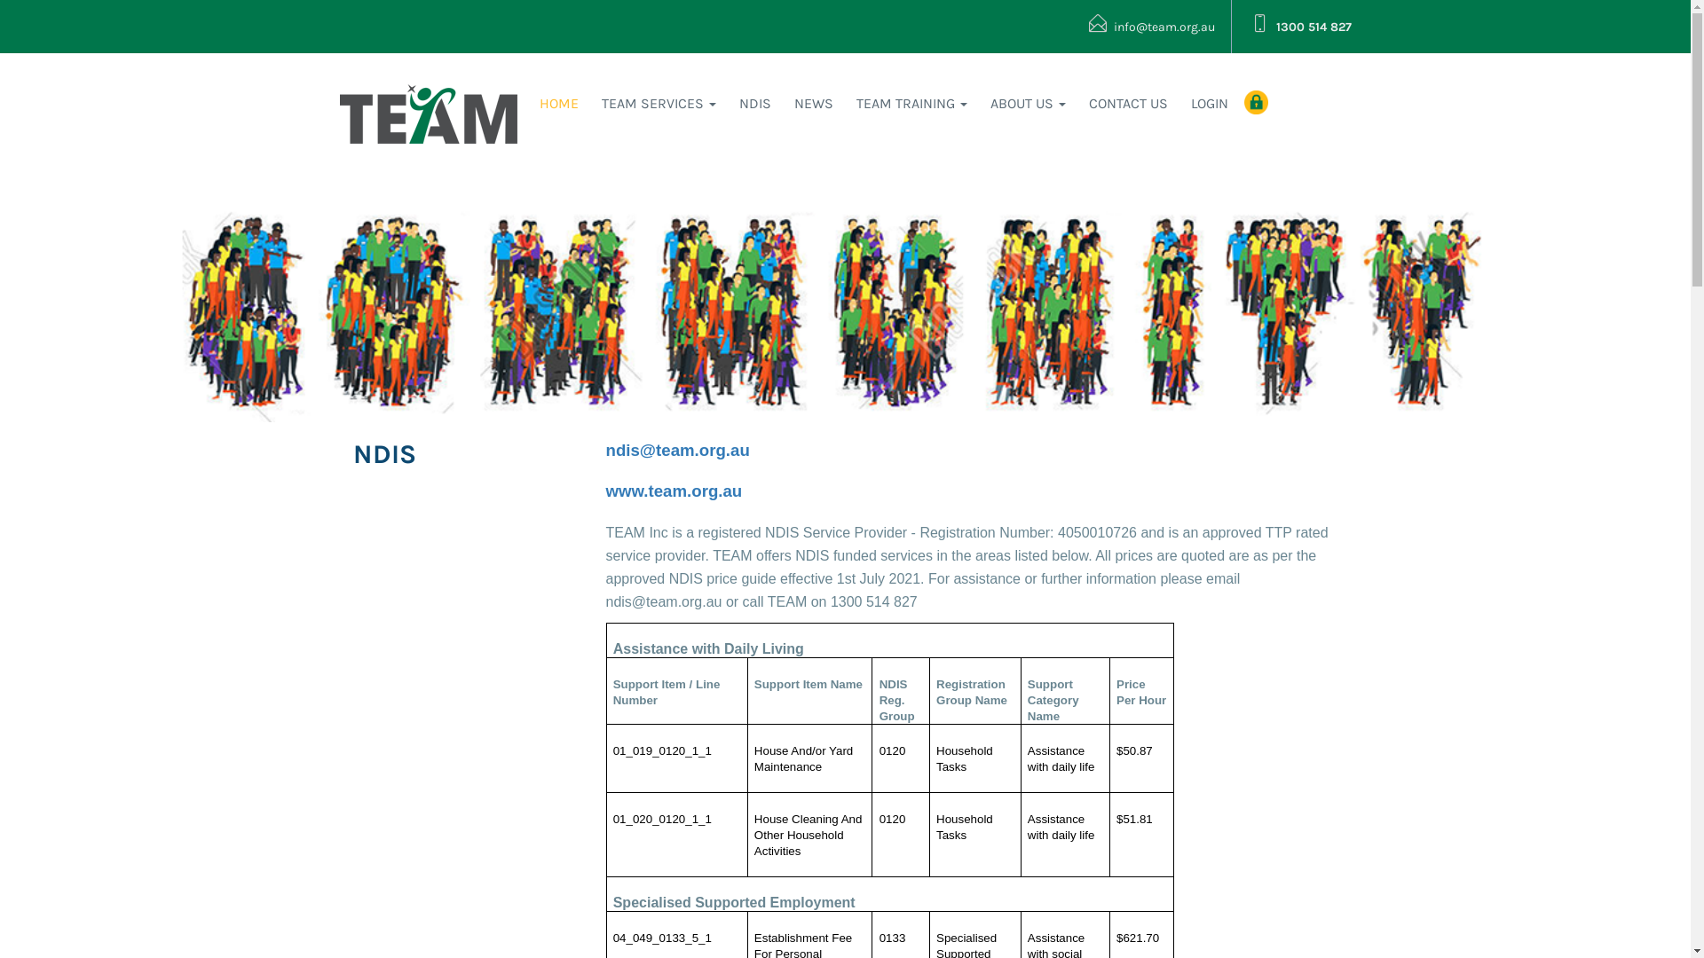 The width and height of the screenshot is (1704, 958). What do you see at coordinates (1255, 102) in the screenshot?
I see `'community login'` at bounding box center [1255, 102].